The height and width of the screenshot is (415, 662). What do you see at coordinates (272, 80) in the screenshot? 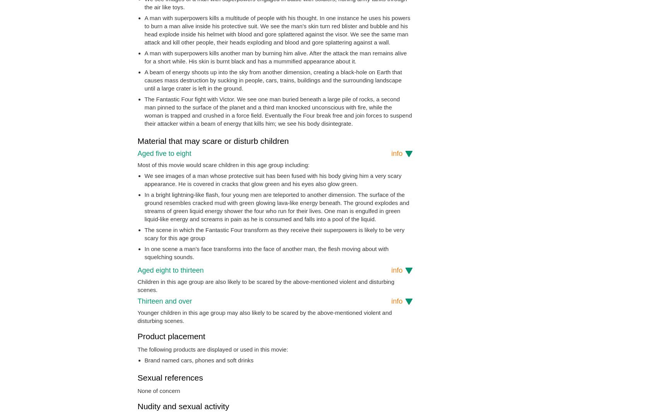
I see `'A beam of energy shoots up into the sky from another dimension, creating a black-hole on Earth that causes mass destruction by sucking in people, cars, trains, buildings and the surrounding landscape until a large crater is left in the ground.'` at bounding box center [272, 80].